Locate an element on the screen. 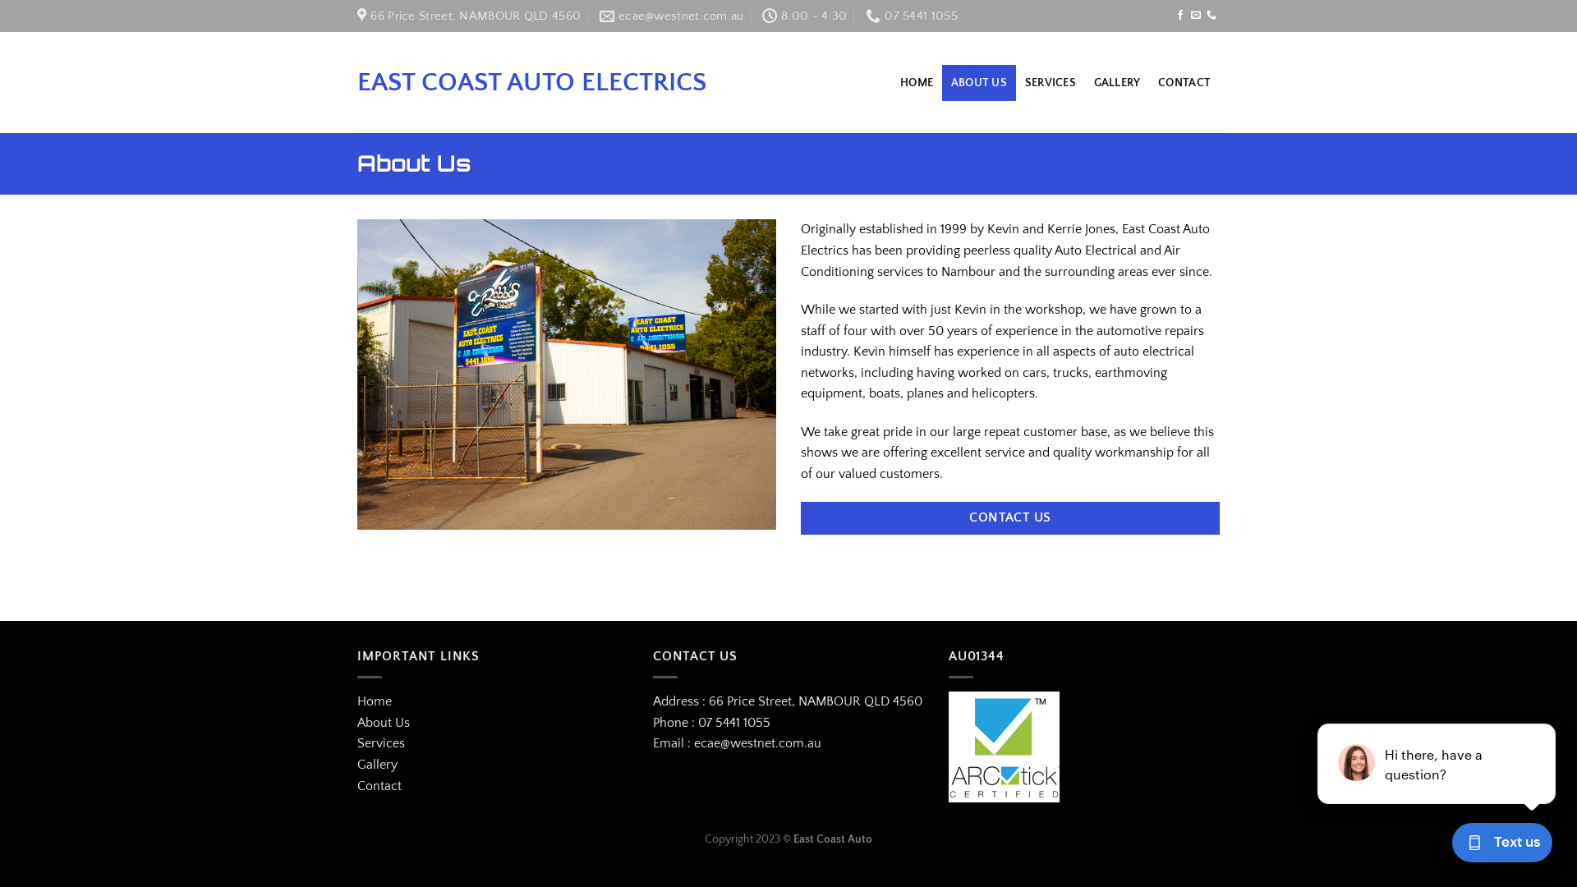 Image resolution: width=1577 pixels, height=887 pixels. 'Send us an email' is located at coordinates (1190, 16).